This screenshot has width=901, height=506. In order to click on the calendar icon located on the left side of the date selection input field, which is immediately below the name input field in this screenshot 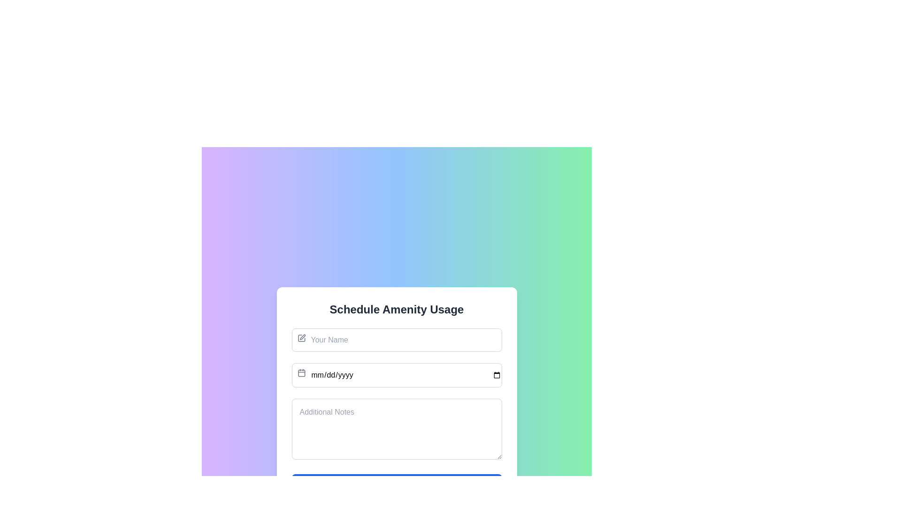, I will do `click(301, 372)`.